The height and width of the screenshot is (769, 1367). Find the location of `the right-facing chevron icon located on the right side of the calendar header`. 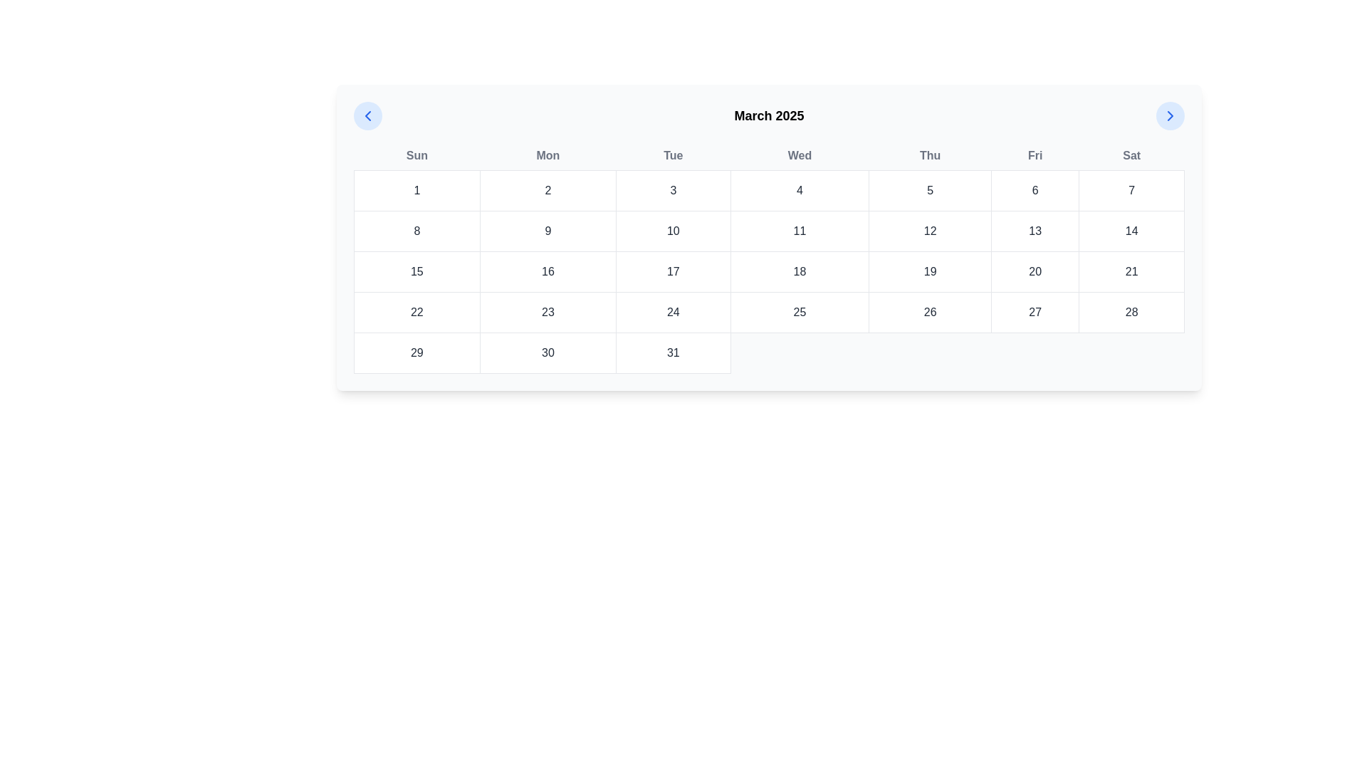

the right-facing chevron icon located on the right side of the calendar header is located at coordinates (1170, 115).